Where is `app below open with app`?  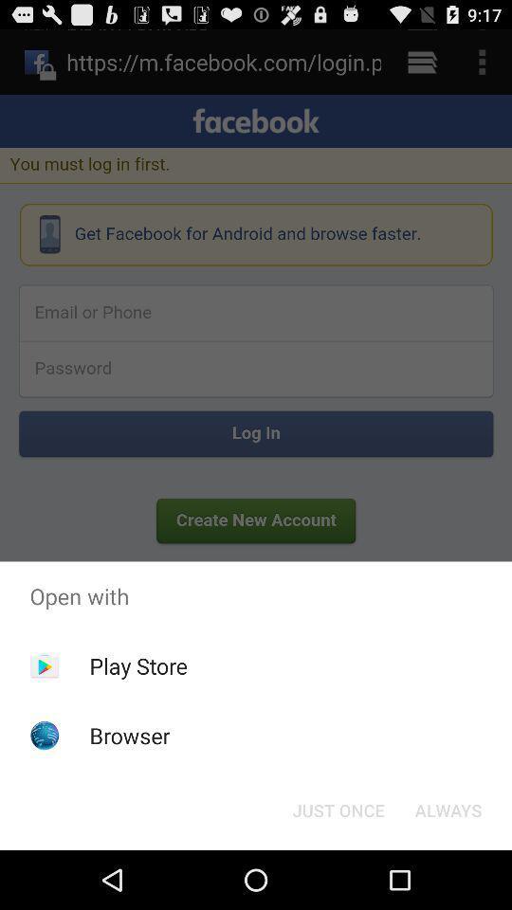
app below open with app is located at coordinates (137, 665).